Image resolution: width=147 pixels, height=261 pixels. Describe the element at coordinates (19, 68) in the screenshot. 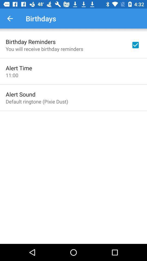

I see `the icon below the you will receive` at that location.